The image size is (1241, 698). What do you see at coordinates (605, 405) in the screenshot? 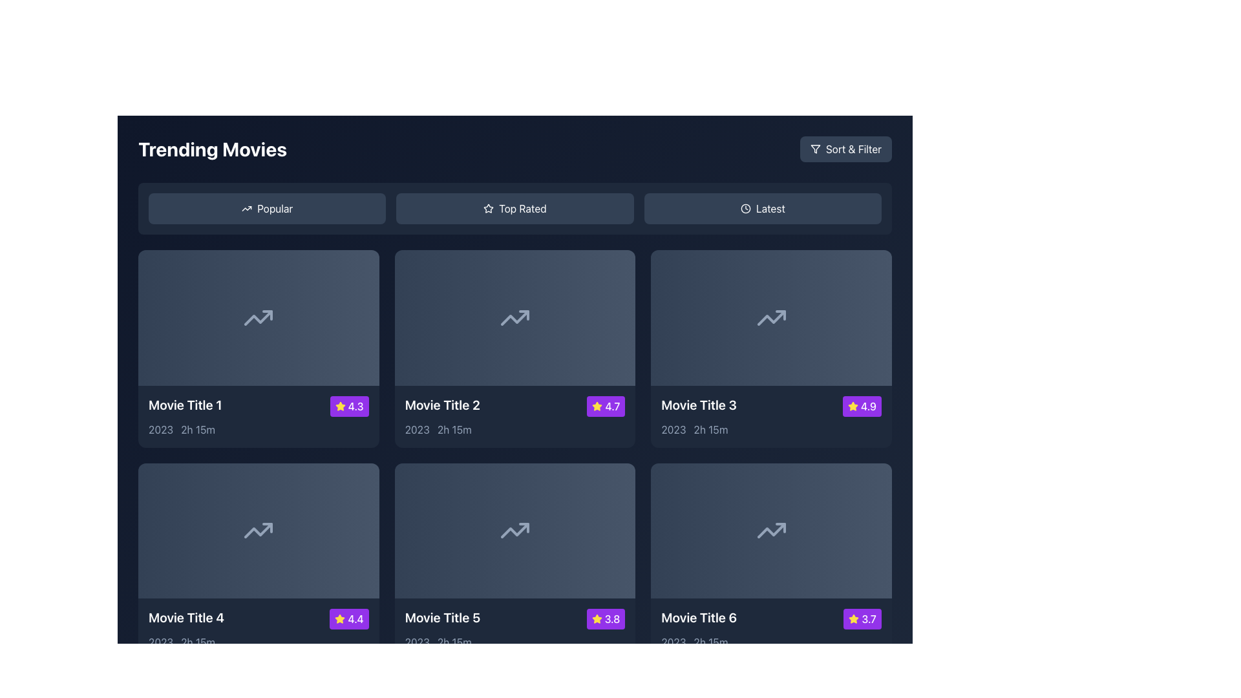
I see `the Iconified text badge that indicates the rating for 'Movie Title 2', positioned in the bottom-right corner of the details box` at bounding box center [605, 405].